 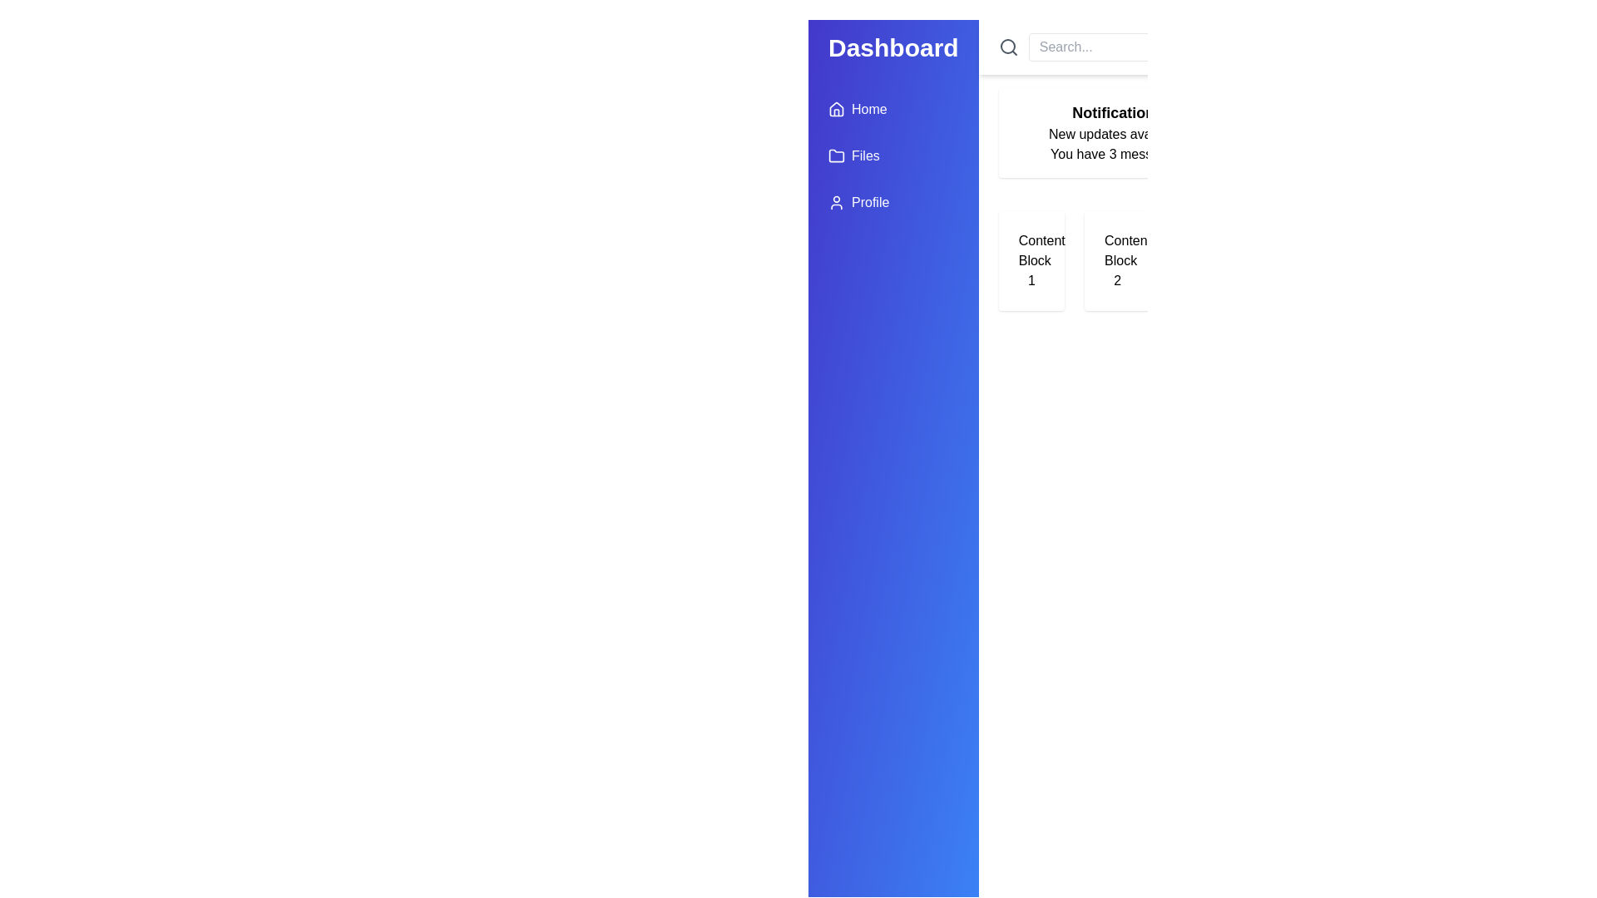 I want to click on the navigation button at the top of the vertical menu, so click(x=858, y=109).